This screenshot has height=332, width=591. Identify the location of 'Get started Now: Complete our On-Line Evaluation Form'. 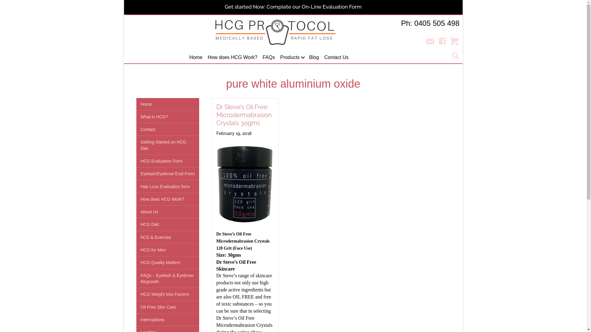
(293, 7).